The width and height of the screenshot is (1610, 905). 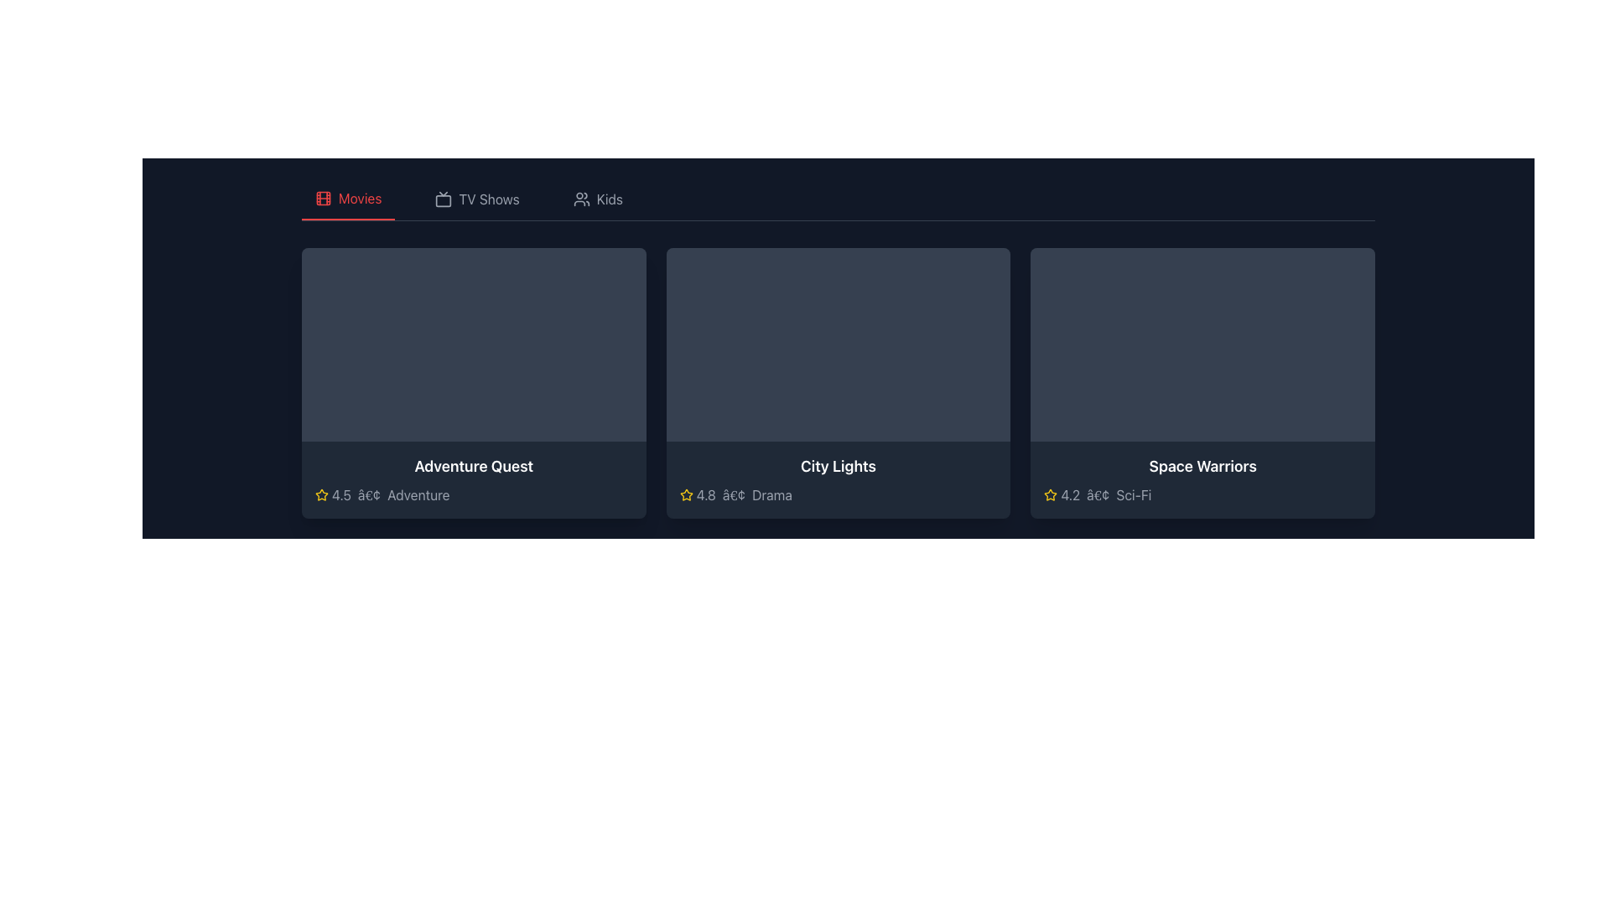 What do you see at coordinates (323, 197) in the screenshot?
I see `the 'Movies' icon in the top navigation bar, which is styled to indicate the active state of the section` at bounding box center [323, 197].